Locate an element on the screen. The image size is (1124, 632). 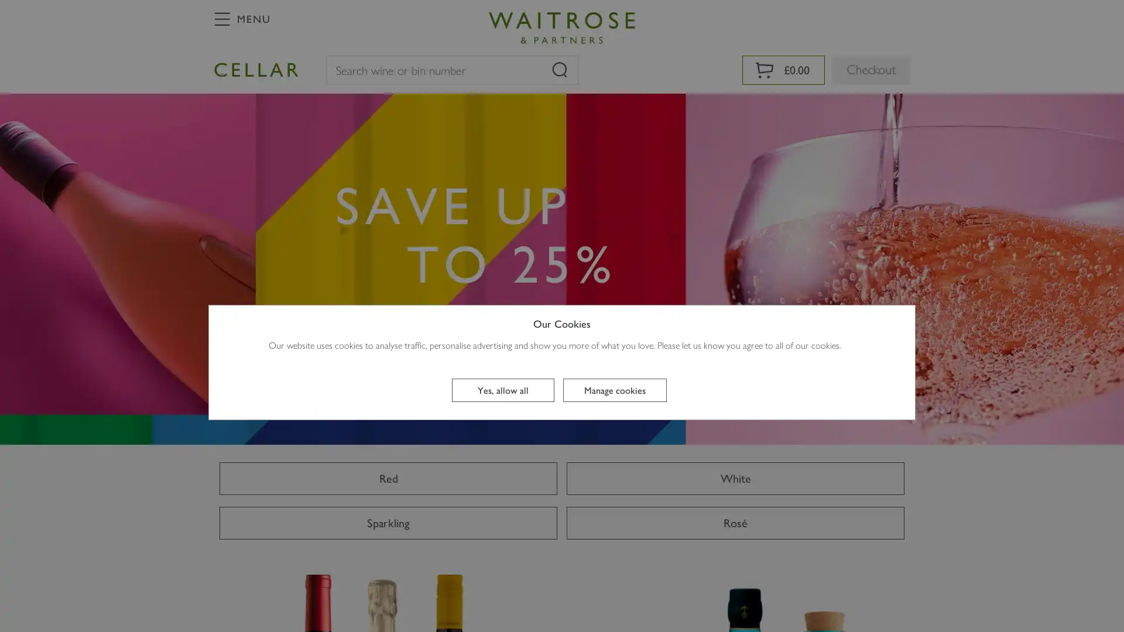
Accept selected is located at coordinates (563, 514).